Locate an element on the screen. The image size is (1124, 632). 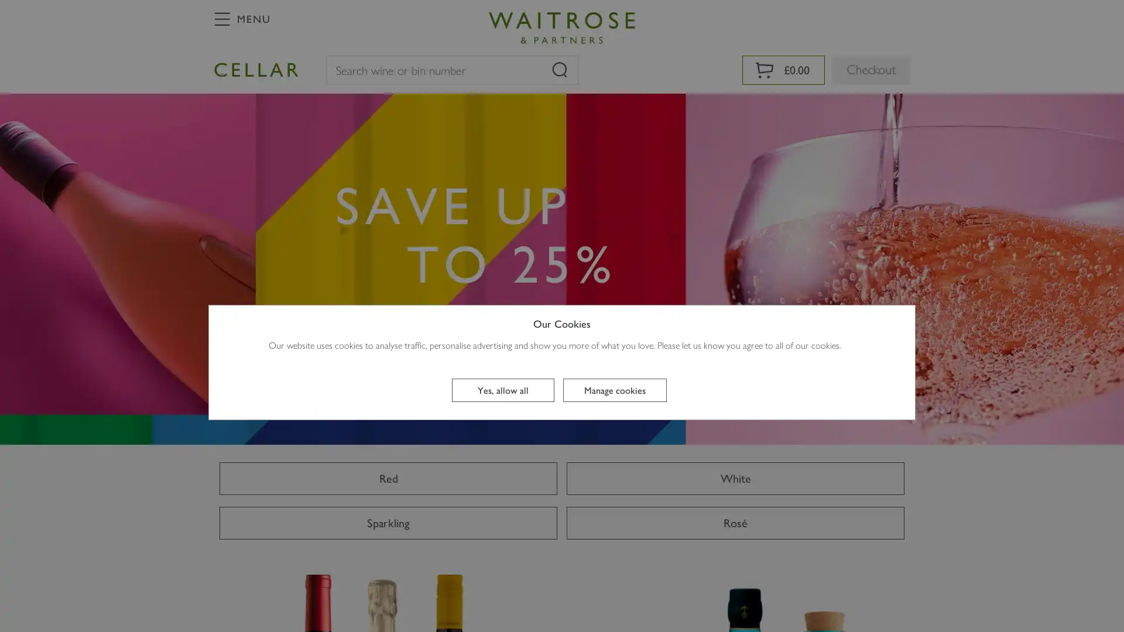
Accept selected is located at coordinates (563, 514).